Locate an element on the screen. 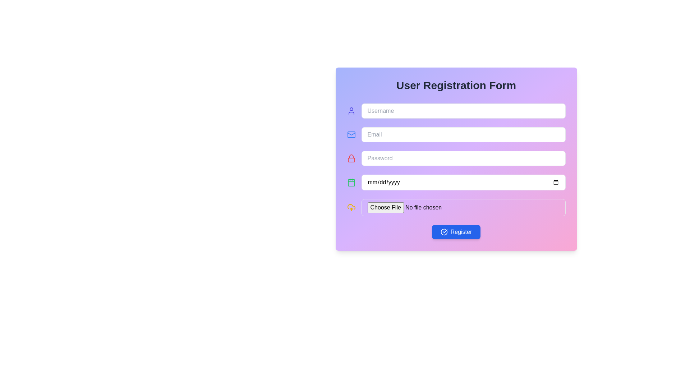 This screenshot has width=690, height=388. and clear the text input field for entering the username, located at the top of the User Registration Form is located at coordinates (456, 111).